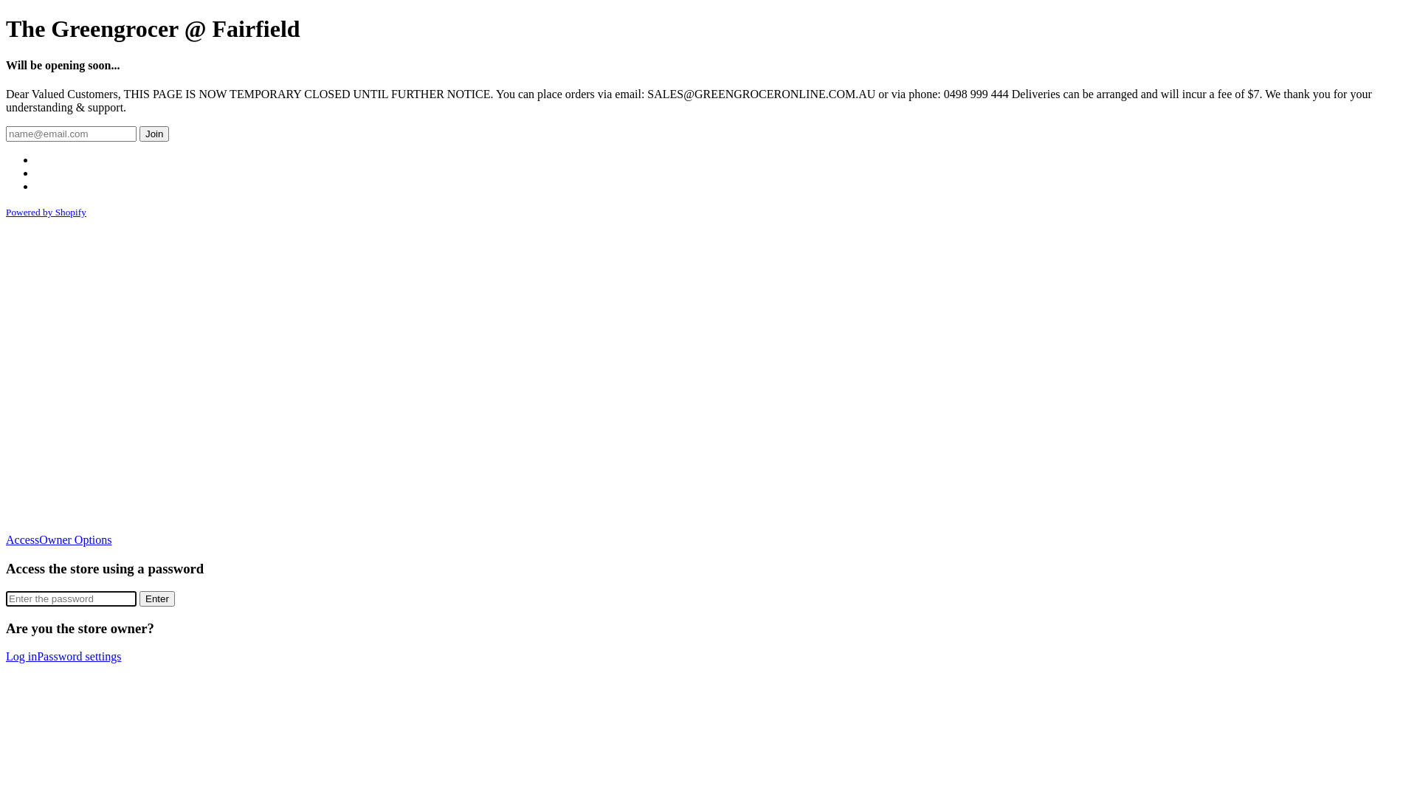 The width and height of the screenshot is (1417, 797). What do you see at coordinates (139, 598) in the screenshot?
I see `'Enter'` at bounding box center [139, 598].